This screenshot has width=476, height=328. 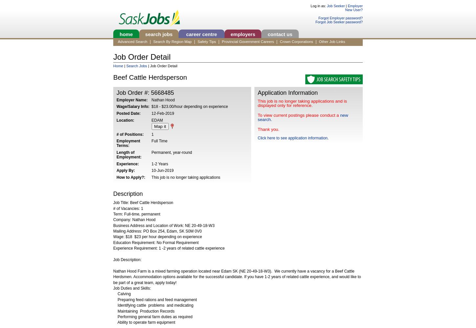 I want to click on 'Search By Region Map', so click(x=172, y=42).